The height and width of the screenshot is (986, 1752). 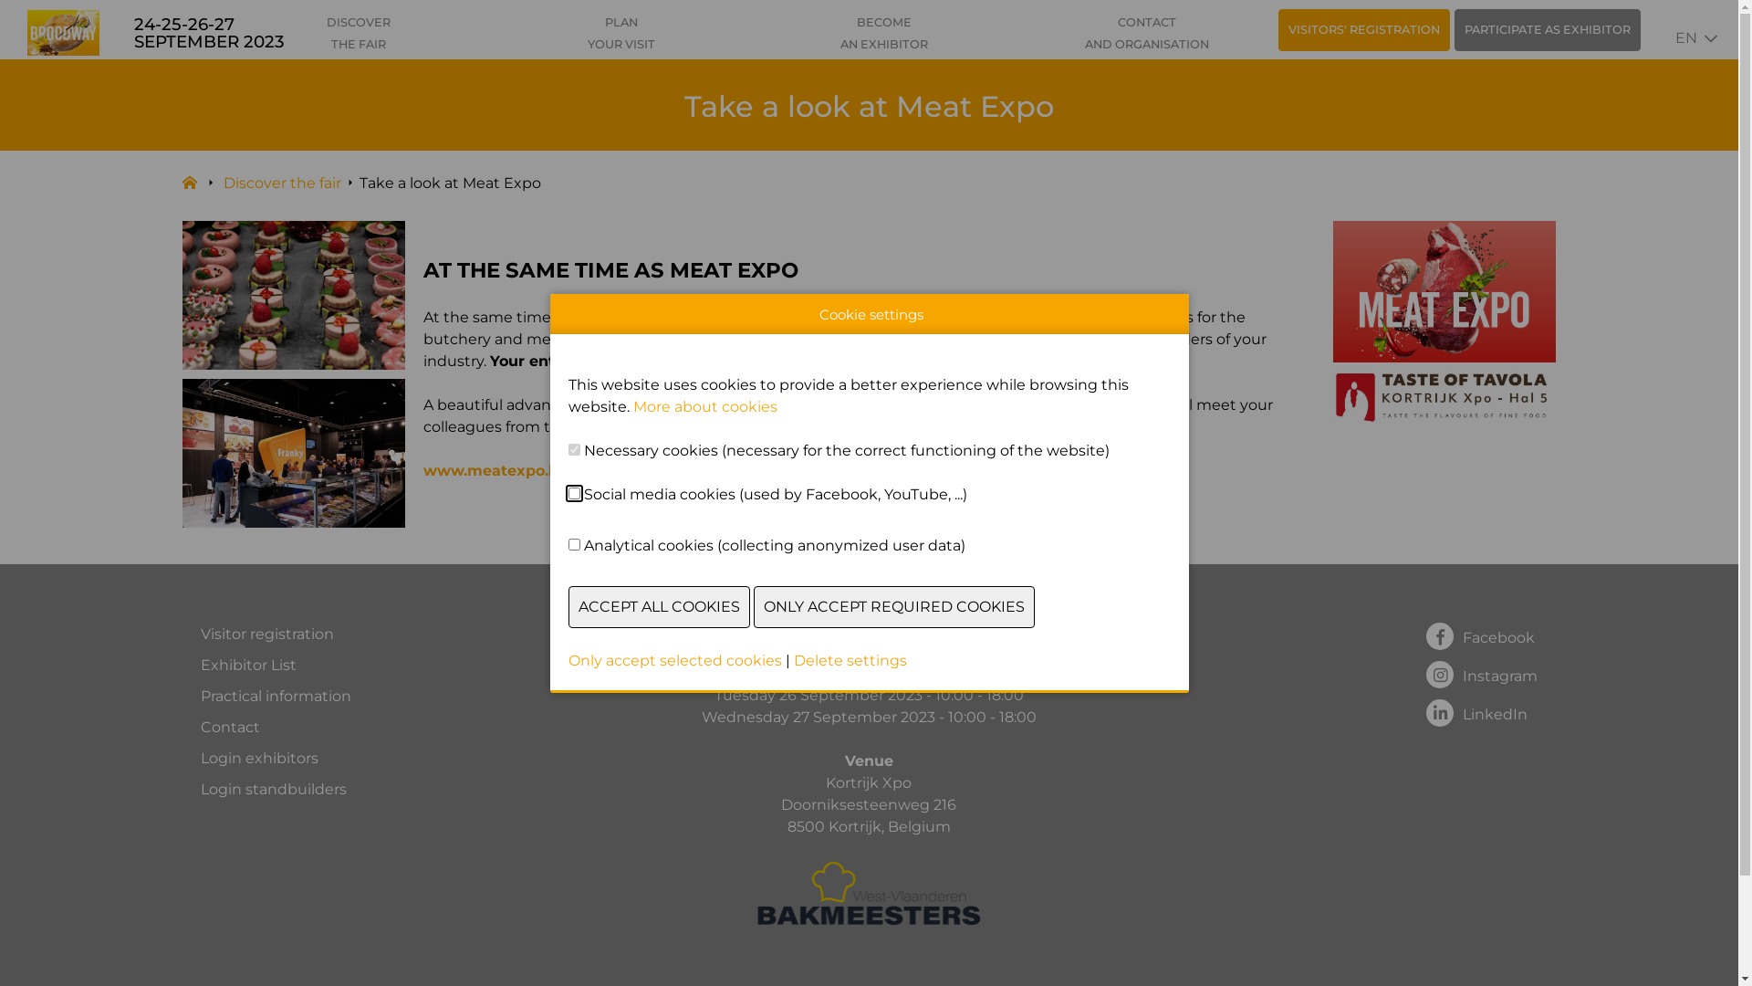 What do you see at coordinates (1481, 673) in the screenshot?
I see `'Instagram'` at bounding box center [1481, 673].